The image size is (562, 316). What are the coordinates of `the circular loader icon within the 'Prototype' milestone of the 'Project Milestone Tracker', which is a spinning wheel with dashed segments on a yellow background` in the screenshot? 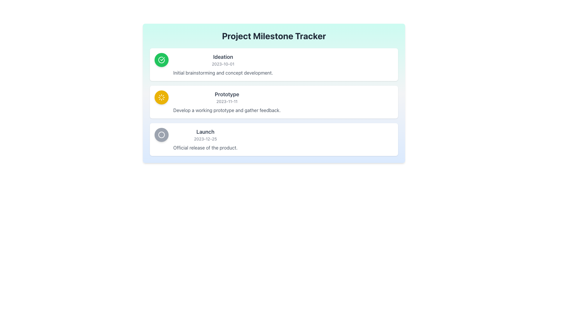 It's located at (162, 97).